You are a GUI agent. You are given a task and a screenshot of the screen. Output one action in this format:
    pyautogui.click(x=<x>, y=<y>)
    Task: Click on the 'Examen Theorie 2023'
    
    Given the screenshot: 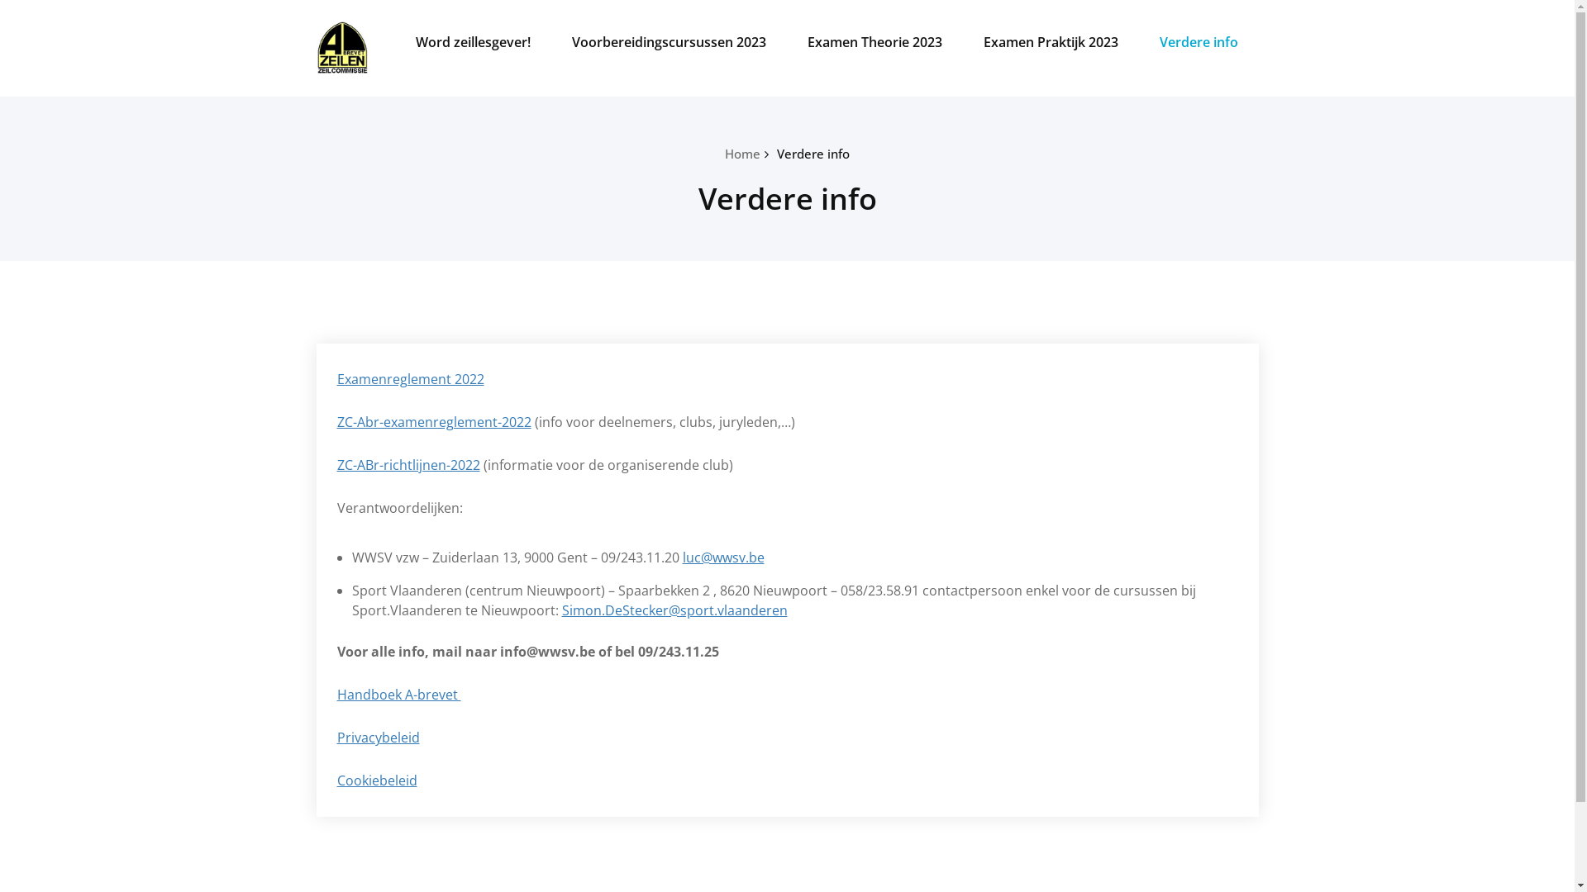 What is the action you would take?
    pyautogui.click(x=874, y=40)
    